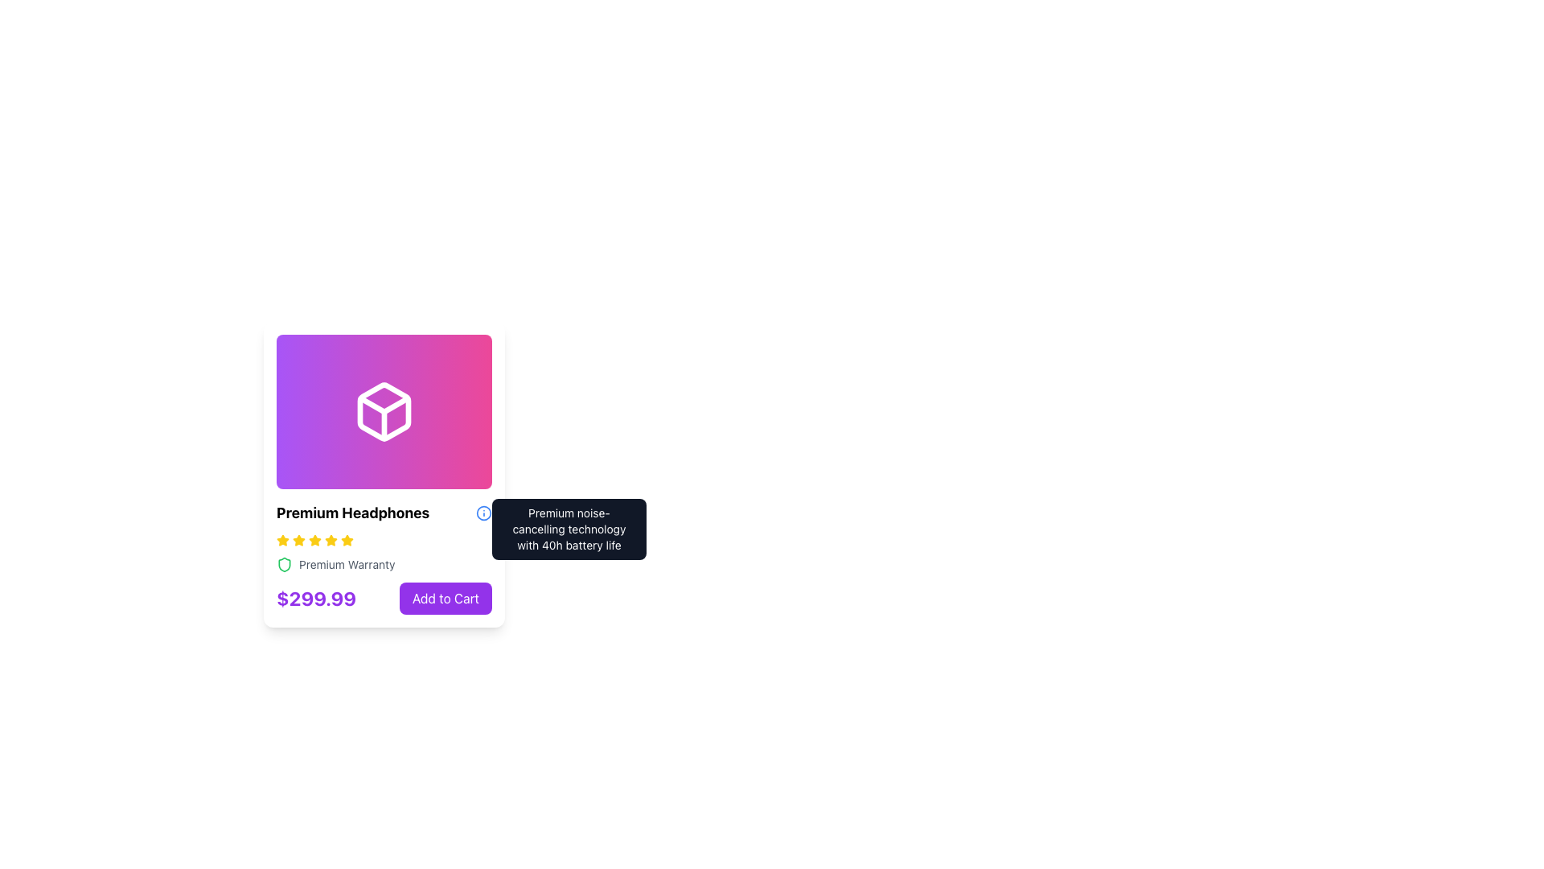 The height and width of the screenshot is (869, 1544). What do you see at coordinates (331, 540) in the screenshot?
I see `the seventh yellow star icon in the rating component, which is part of a horizontal row of nine stars, located at the bottom of the product details card` at bounding box center [331, 540].